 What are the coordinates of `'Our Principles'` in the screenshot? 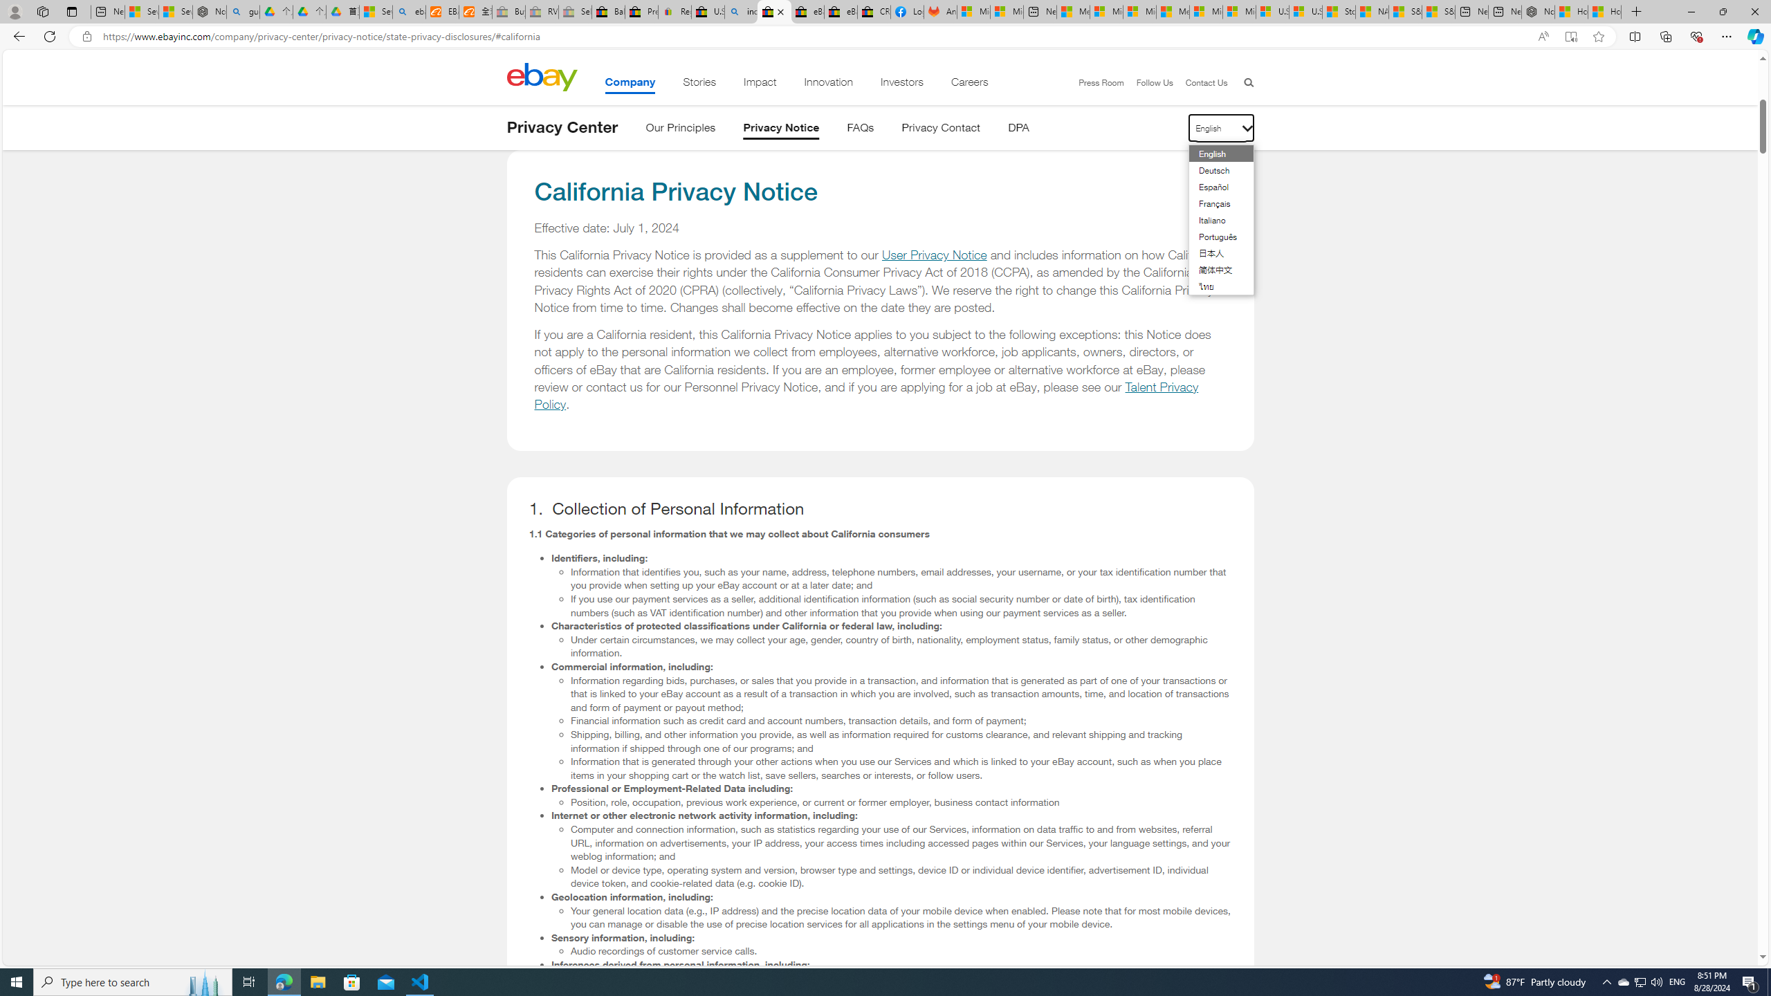 It's located at (679, 129).